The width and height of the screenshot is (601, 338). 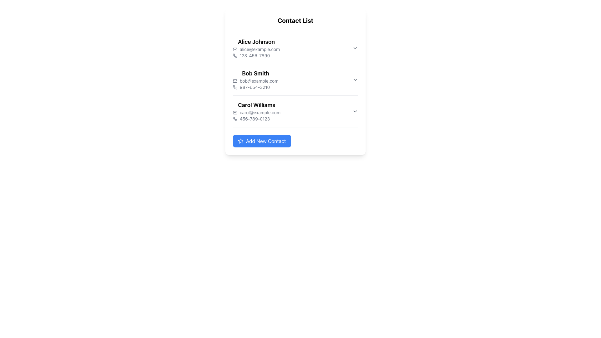 I want to click on the email address 'alice@example.com', so click(x=256, y=49).